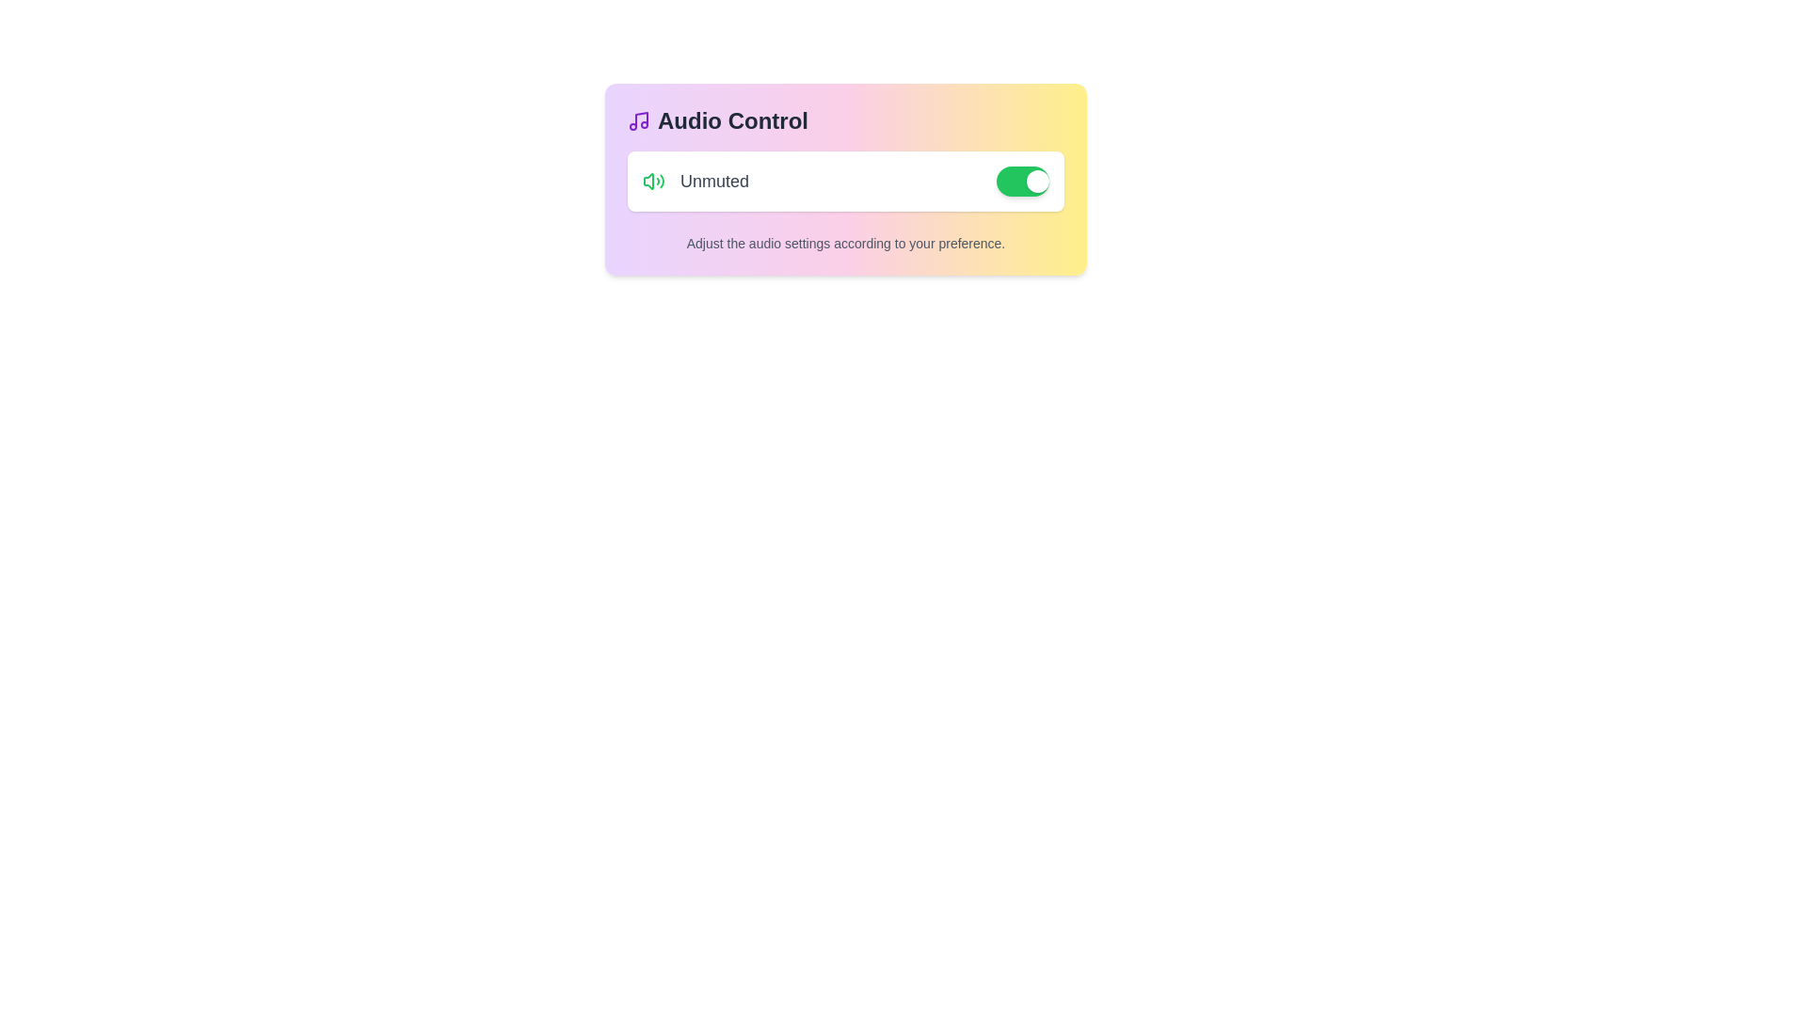 The width and height of the screenshot is (1807, 1016). I want to click on the rightmost wave-like shape of the speaker representation indicating high sound levels, located near the 'Unmuted' label in the interface, so click(662, 181).